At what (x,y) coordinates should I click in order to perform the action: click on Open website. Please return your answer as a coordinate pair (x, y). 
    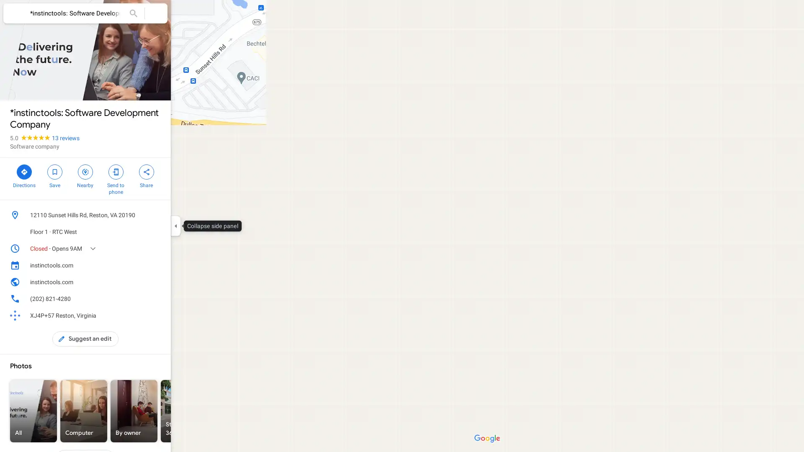
    Looking at the image, I should click on (144, 282).